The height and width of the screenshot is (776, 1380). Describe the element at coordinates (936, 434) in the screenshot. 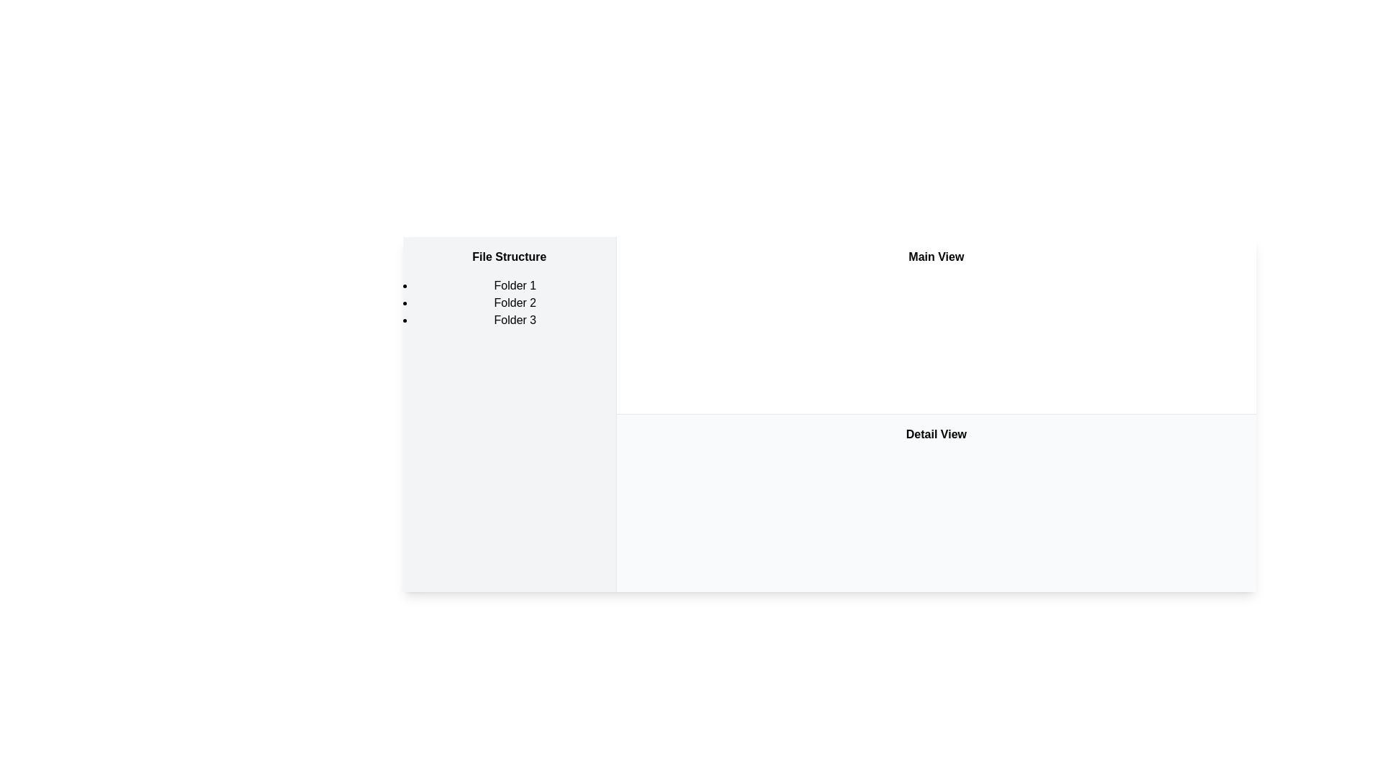

I see `the Text Label that indicates detailed content display, located below the 'Main View' title in the center of its section` at that location.